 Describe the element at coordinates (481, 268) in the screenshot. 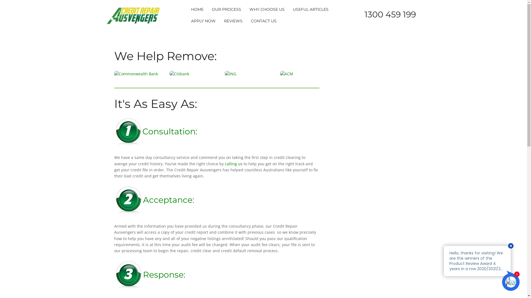

I see `'Chat with us'` at that location.